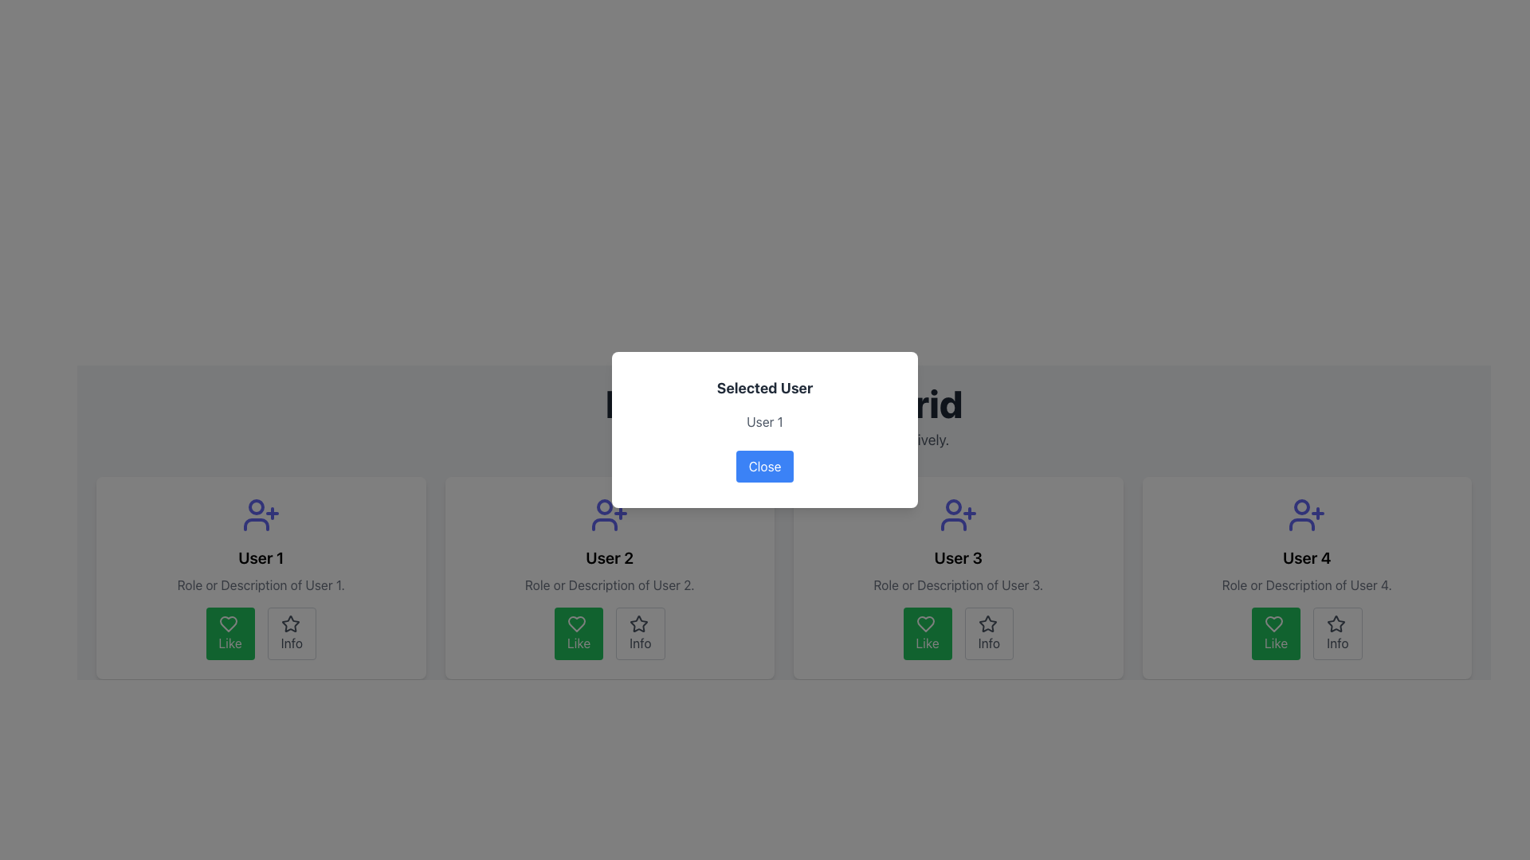 The image size is (1530, 860). I want to click on the 'Like' button on the card displaying information about 'User 4', which is located in the fourth position of a four-column grid layout, so click(1307, 577).